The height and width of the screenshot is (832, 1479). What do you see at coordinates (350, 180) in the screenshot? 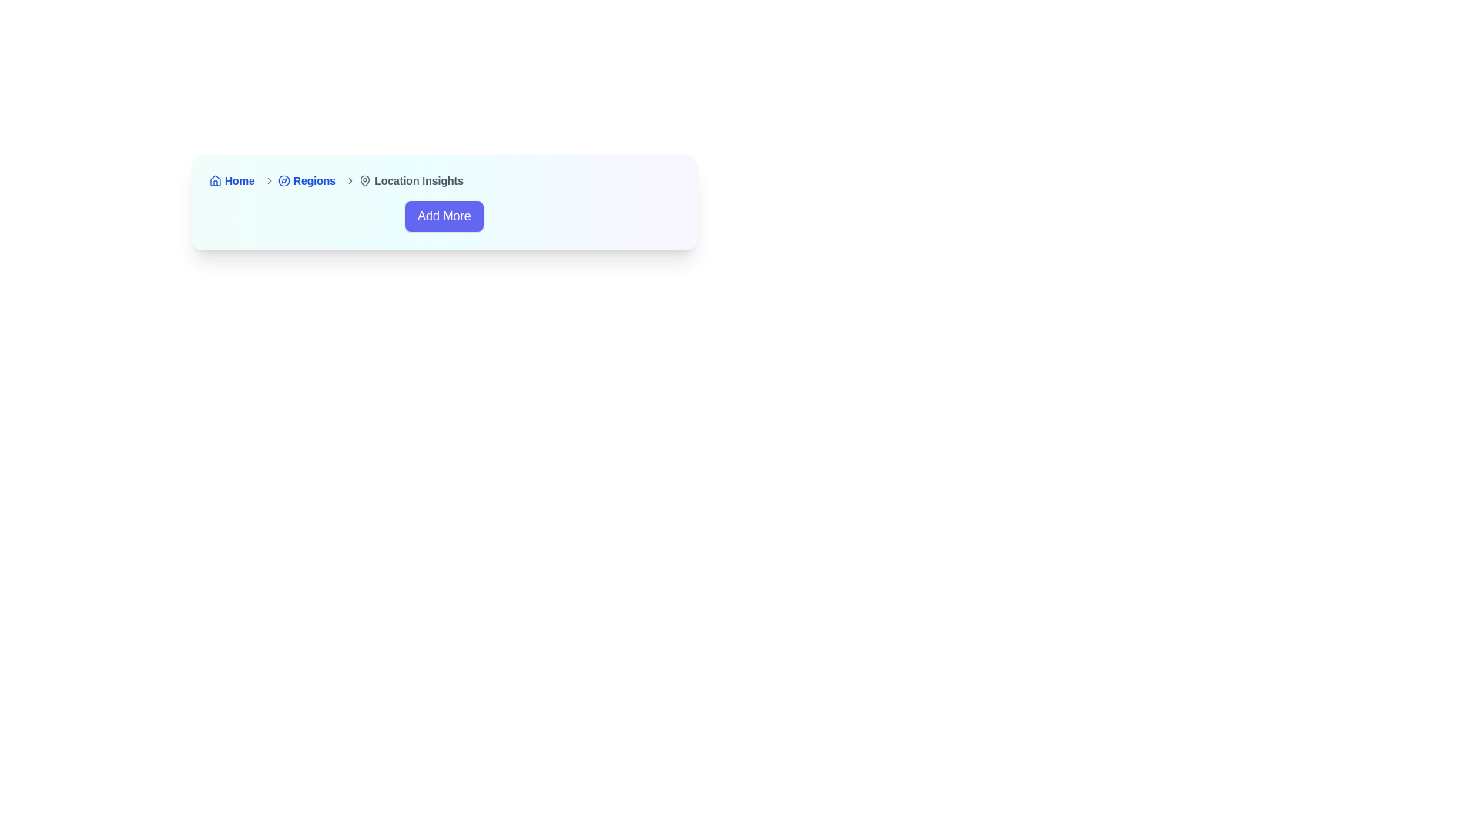
I see `the rightward-pointing chevron icon in the breadcrumb navigation, located immediately to the right of the text 'Regions'` at bounding box center [350, 180].